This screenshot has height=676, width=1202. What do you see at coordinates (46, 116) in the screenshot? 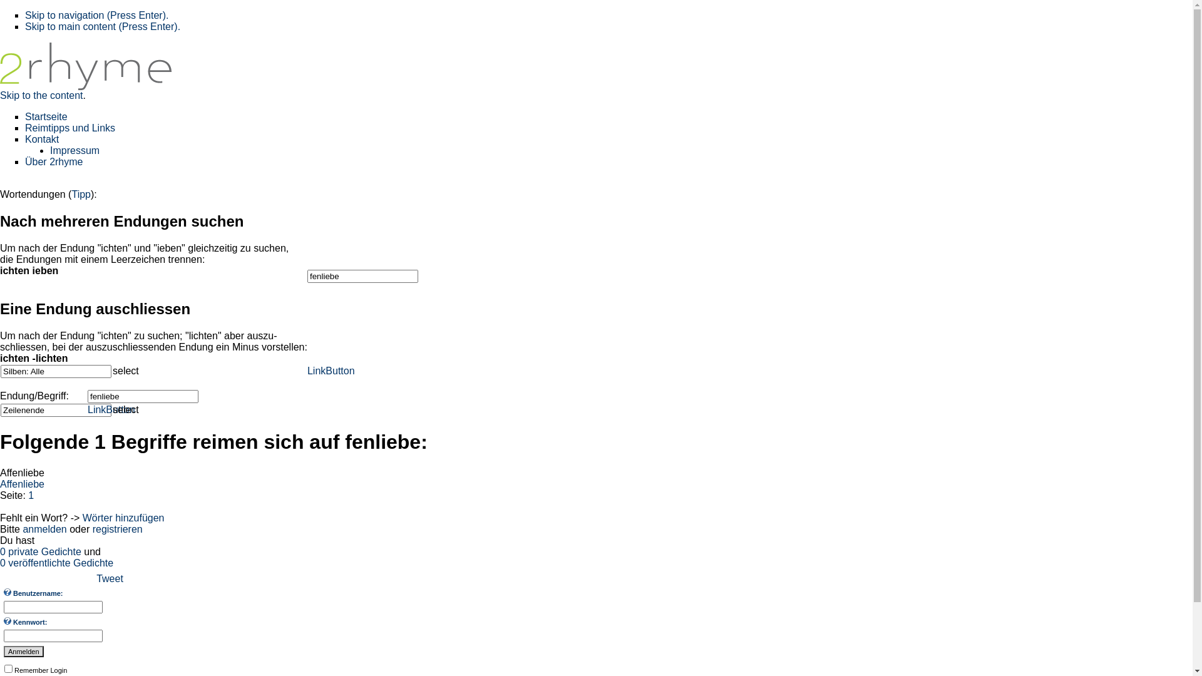
I see `'Startseite'` at bounding box center [46, 116].